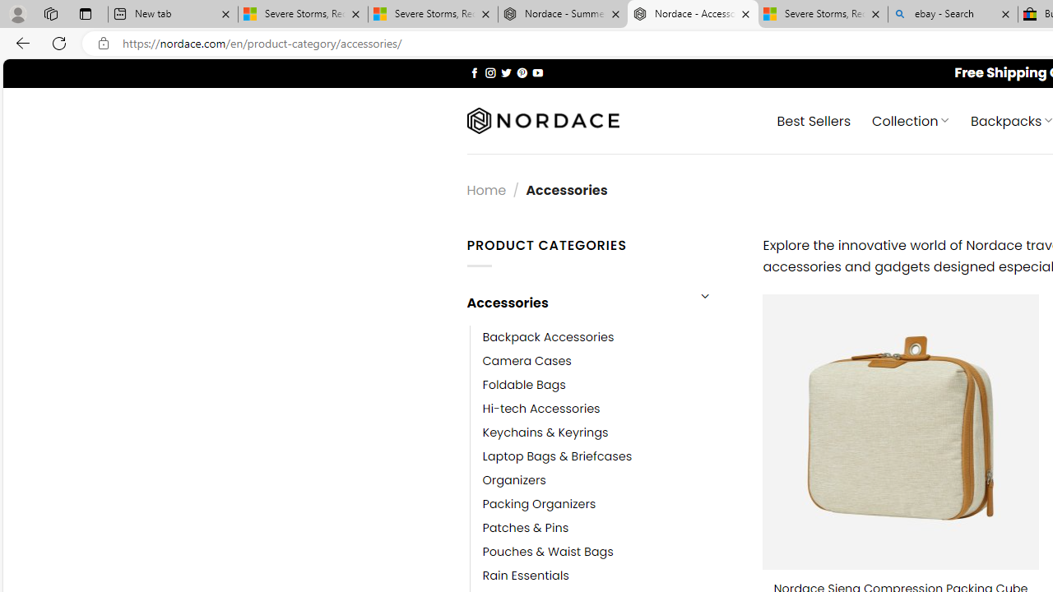 The height and width of the screenshot is (592, 1053). I want to click on 'Follow on YouTube', so click(537, 72).